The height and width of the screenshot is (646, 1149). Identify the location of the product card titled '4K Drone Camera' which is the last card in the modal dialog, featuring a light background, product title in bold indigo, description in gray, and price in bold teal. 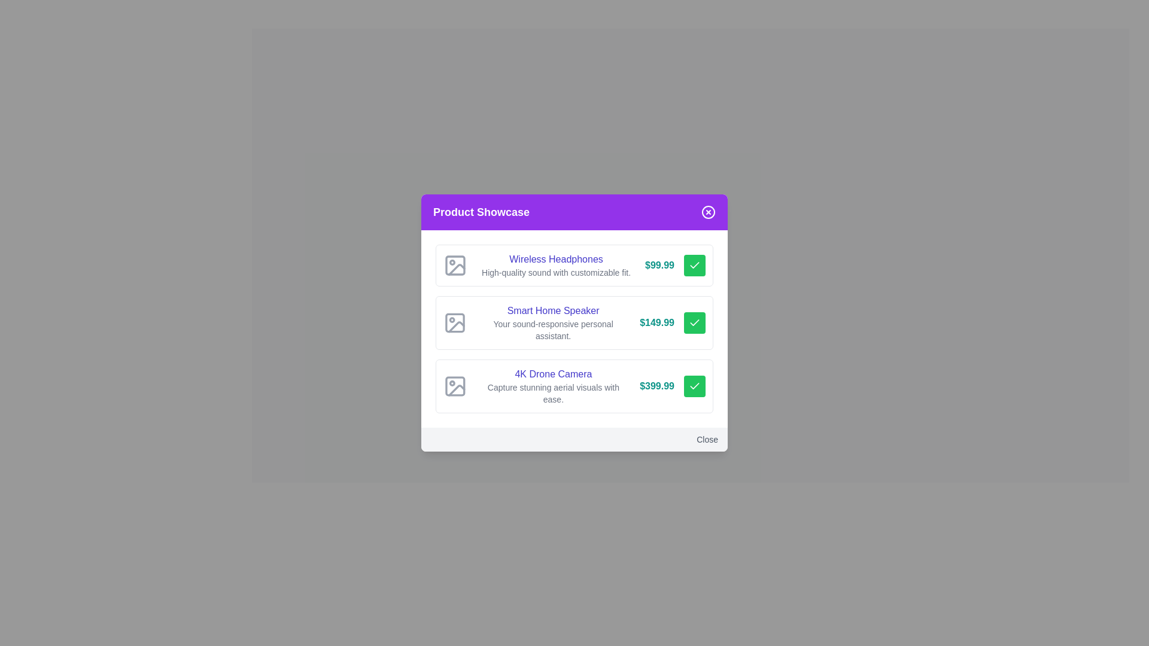
(574, 386).